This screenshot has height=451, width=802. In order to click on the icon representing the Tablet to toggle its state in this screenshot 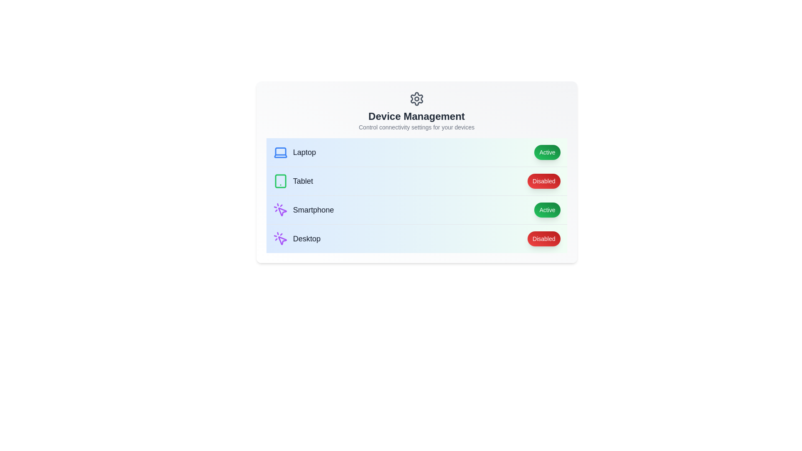, I will do `click(280, 181)`.